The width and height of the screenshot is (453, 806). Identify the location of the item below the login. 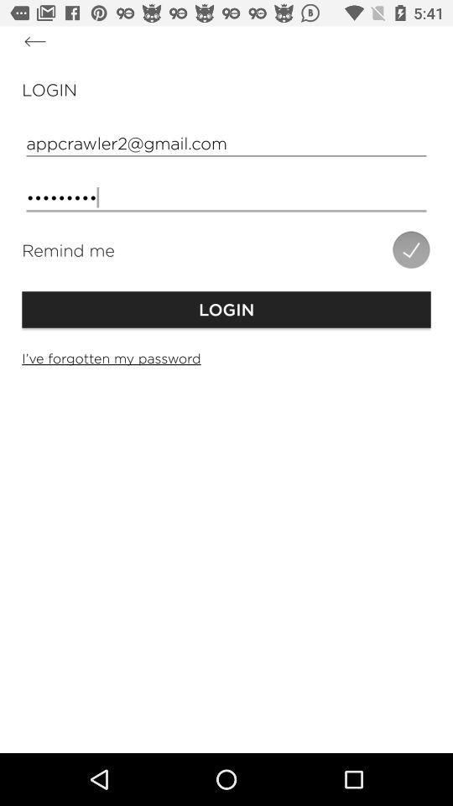
(226, 142).